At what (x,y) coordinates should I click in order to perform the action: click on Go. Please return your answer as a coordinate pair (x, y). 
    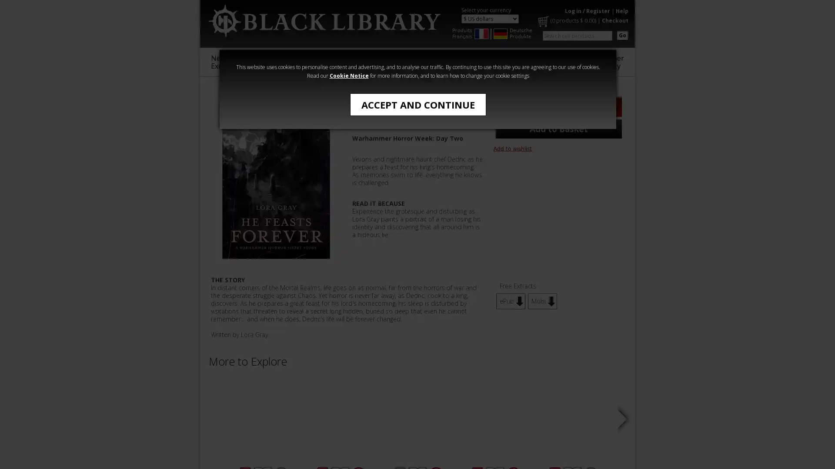
    Looking at the image, I should click on (622, 35).